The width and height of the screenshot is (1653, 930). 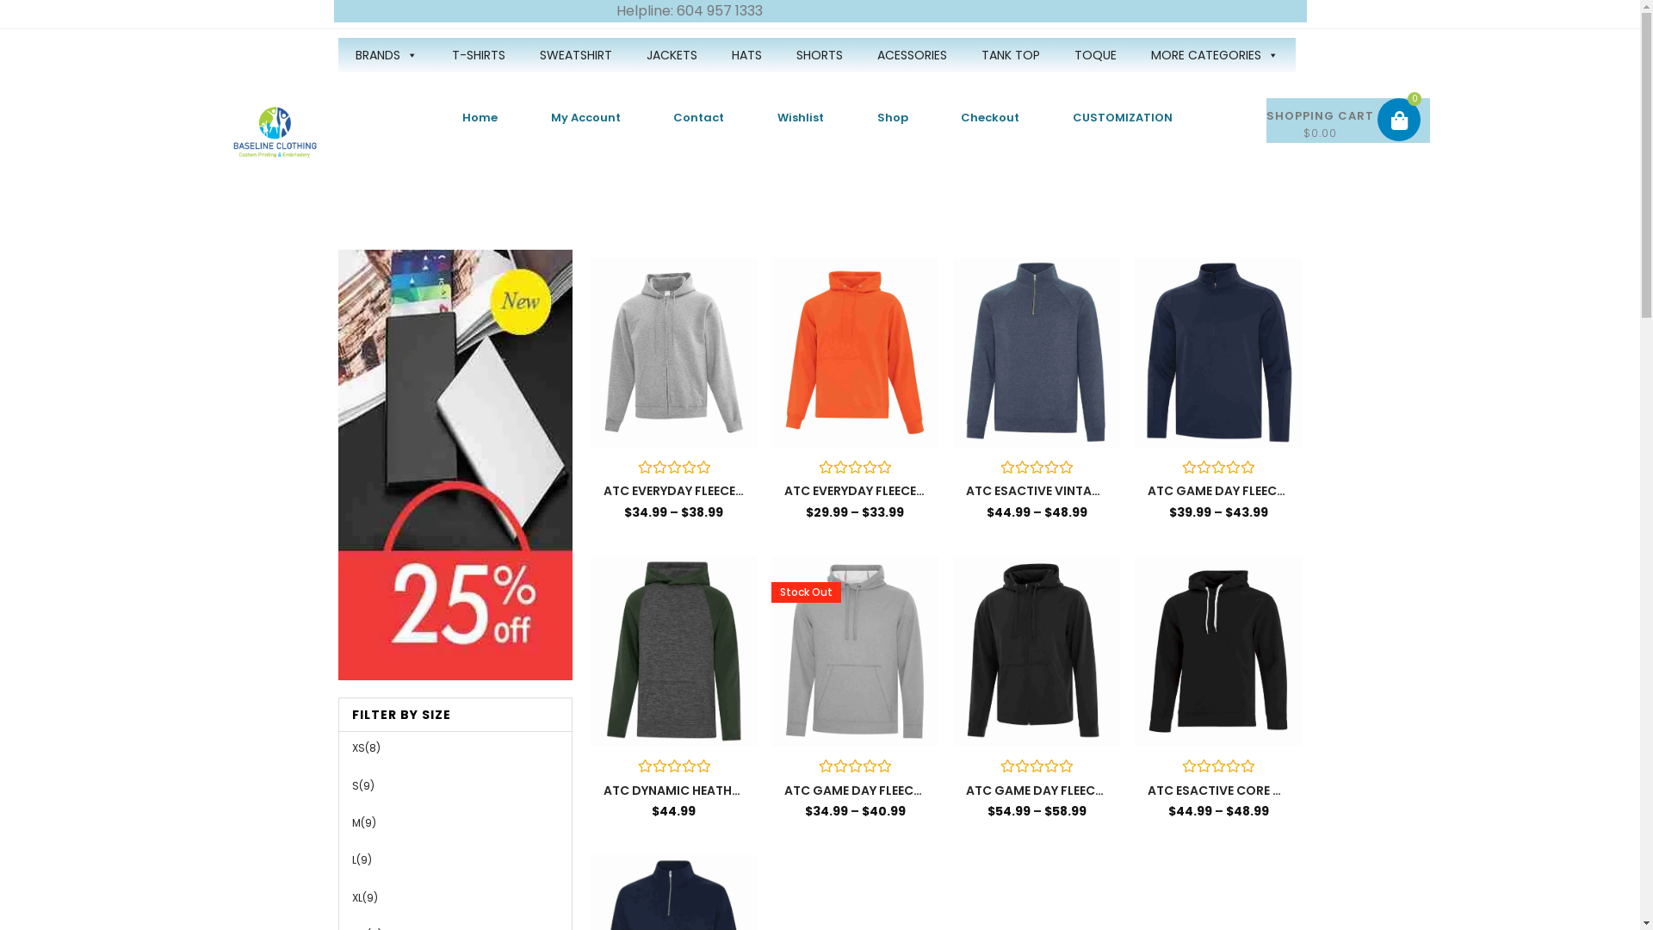 I want to click on 'HATS', so click(x=746, y=54).